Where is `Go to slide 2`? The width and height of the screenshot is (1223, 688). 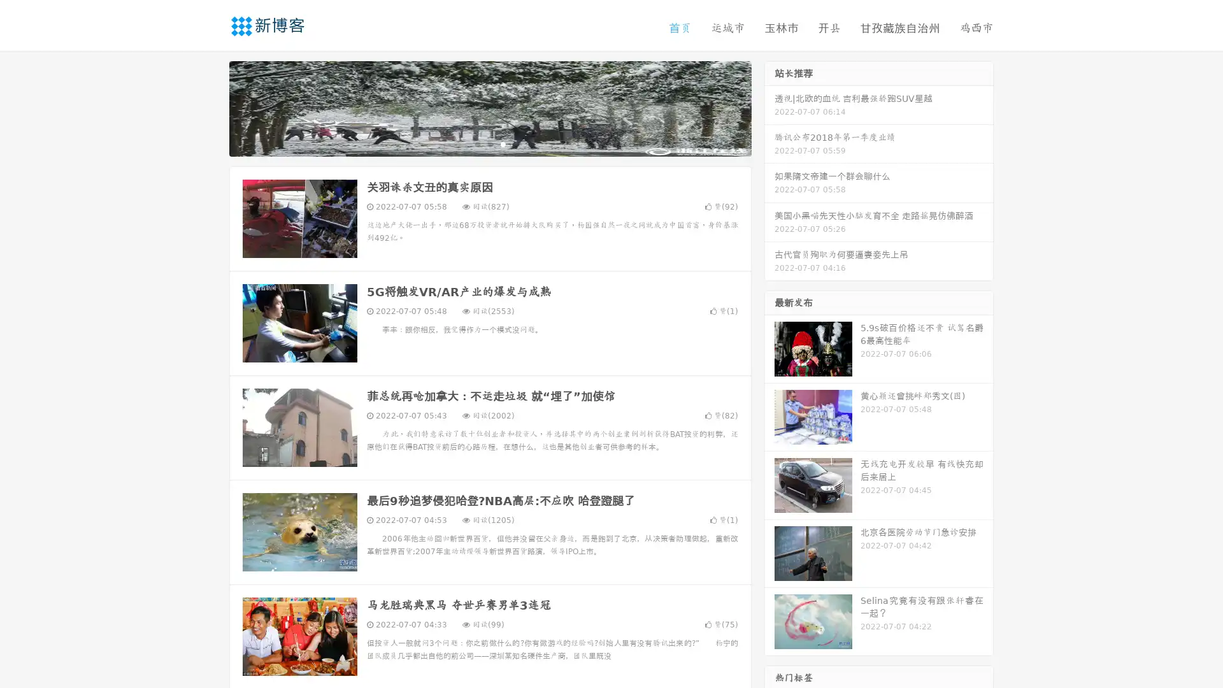 Go to slide 2 is located at coordinates (489, 143).